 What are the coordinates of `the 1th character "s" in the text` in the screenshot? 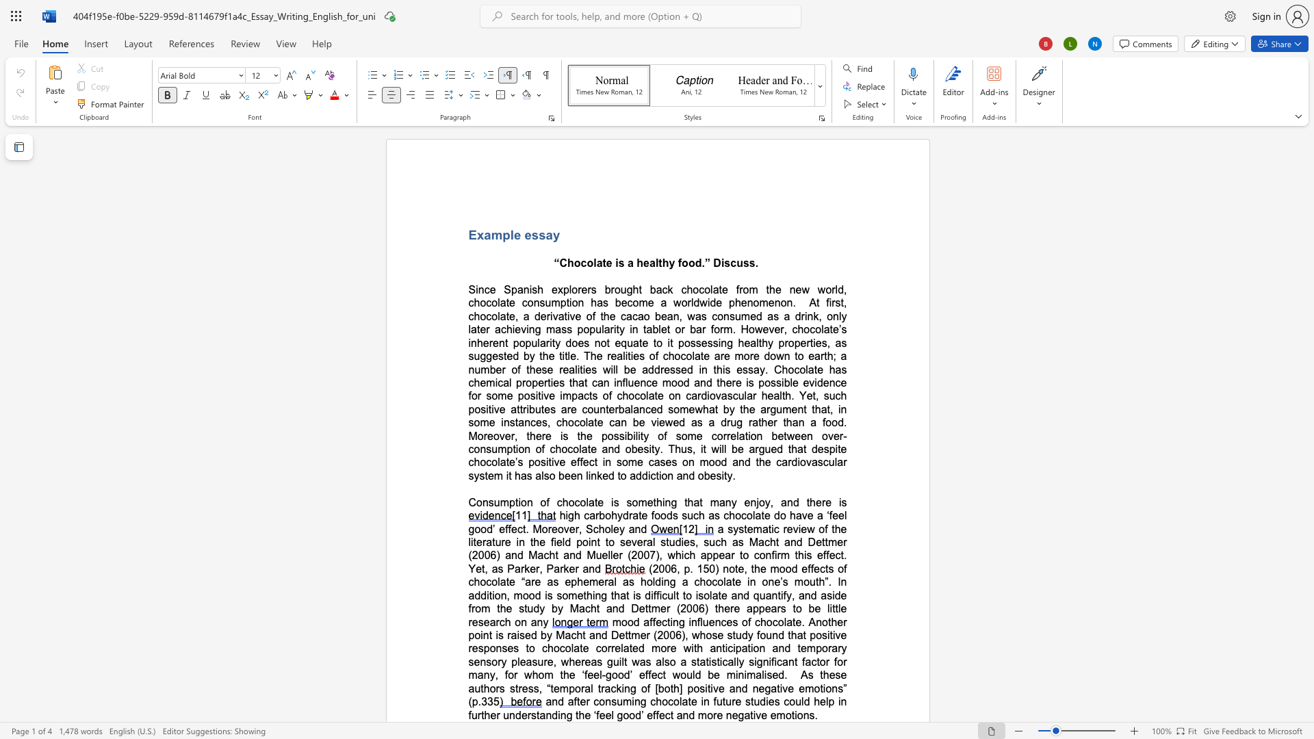 It's located at (693, 342).